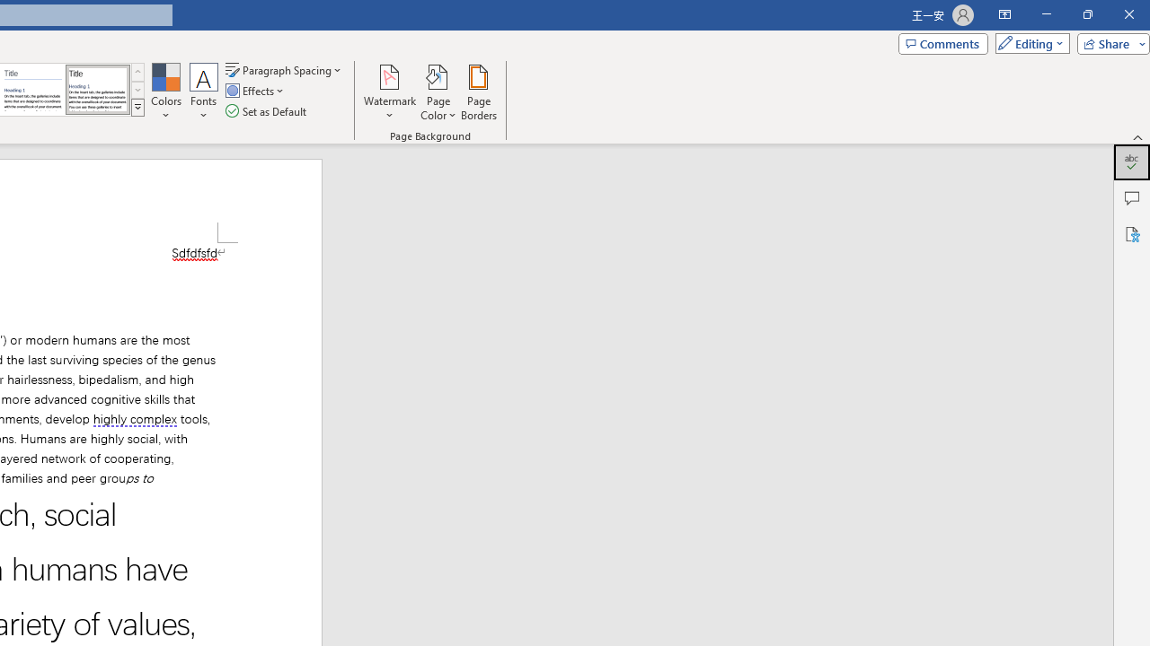  I want to click on 'Page Color', so click(438, 92).